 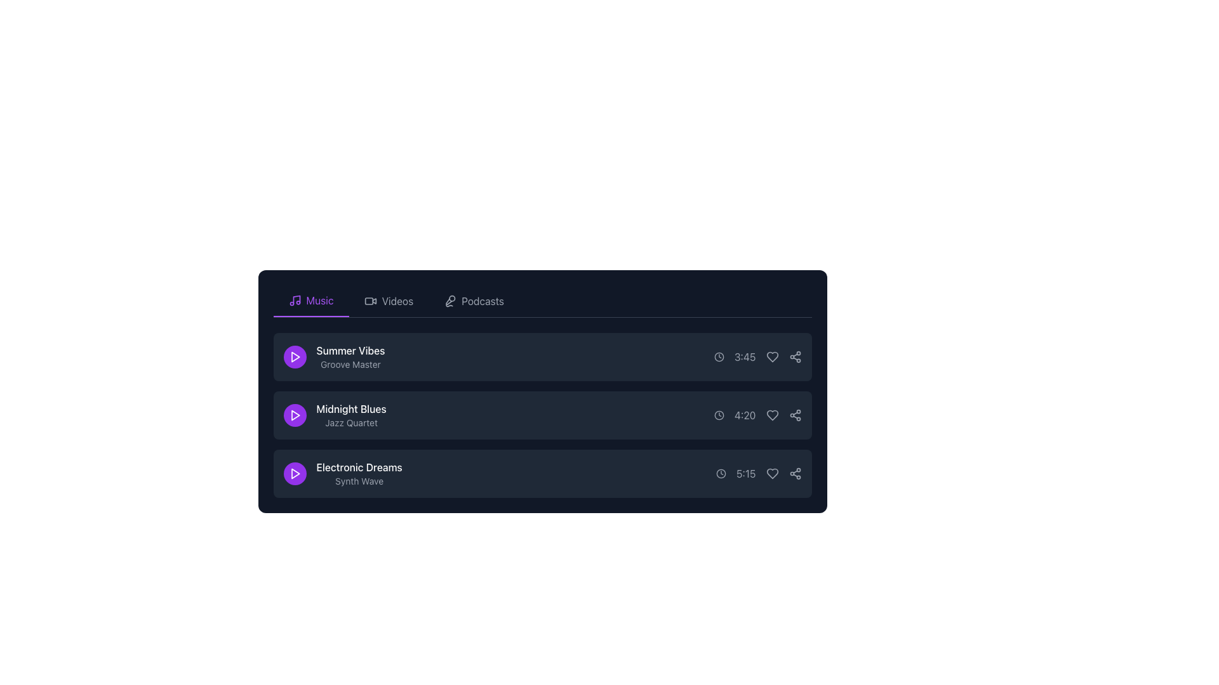 What do you see at coordinates (794, 474) in the screenshot?
I see `the share icon button represented as three nodes connected by lines, which turns purple on hover, located on the far-right side of the last item in a vertical list` at bounding box center [794, 474].